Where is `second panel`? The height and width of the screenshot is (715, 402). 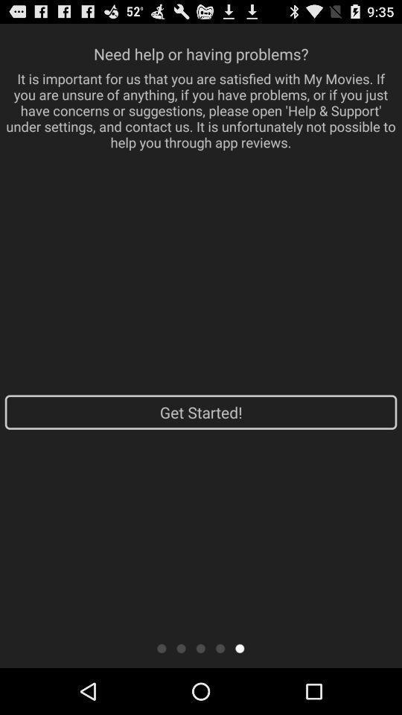 second panel is located at coordinates (181, 647).